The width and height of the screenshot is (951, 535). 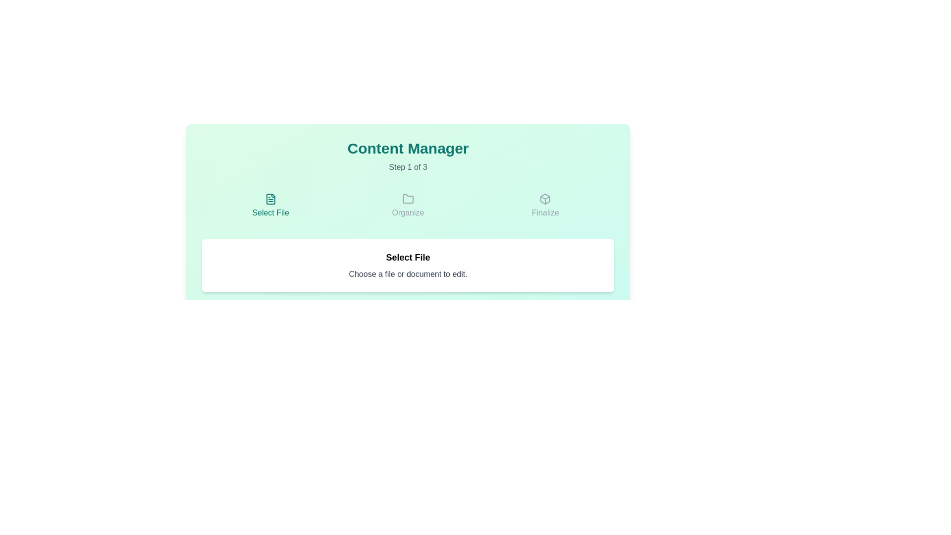 I want to click on the small gray SVG icon resembling a box or cube, which is the third icon in the row under the 'Finalize' label, so click(x=545, y=199).